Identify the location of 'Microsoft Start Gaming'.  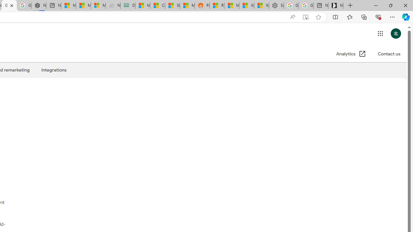
(336, 5).